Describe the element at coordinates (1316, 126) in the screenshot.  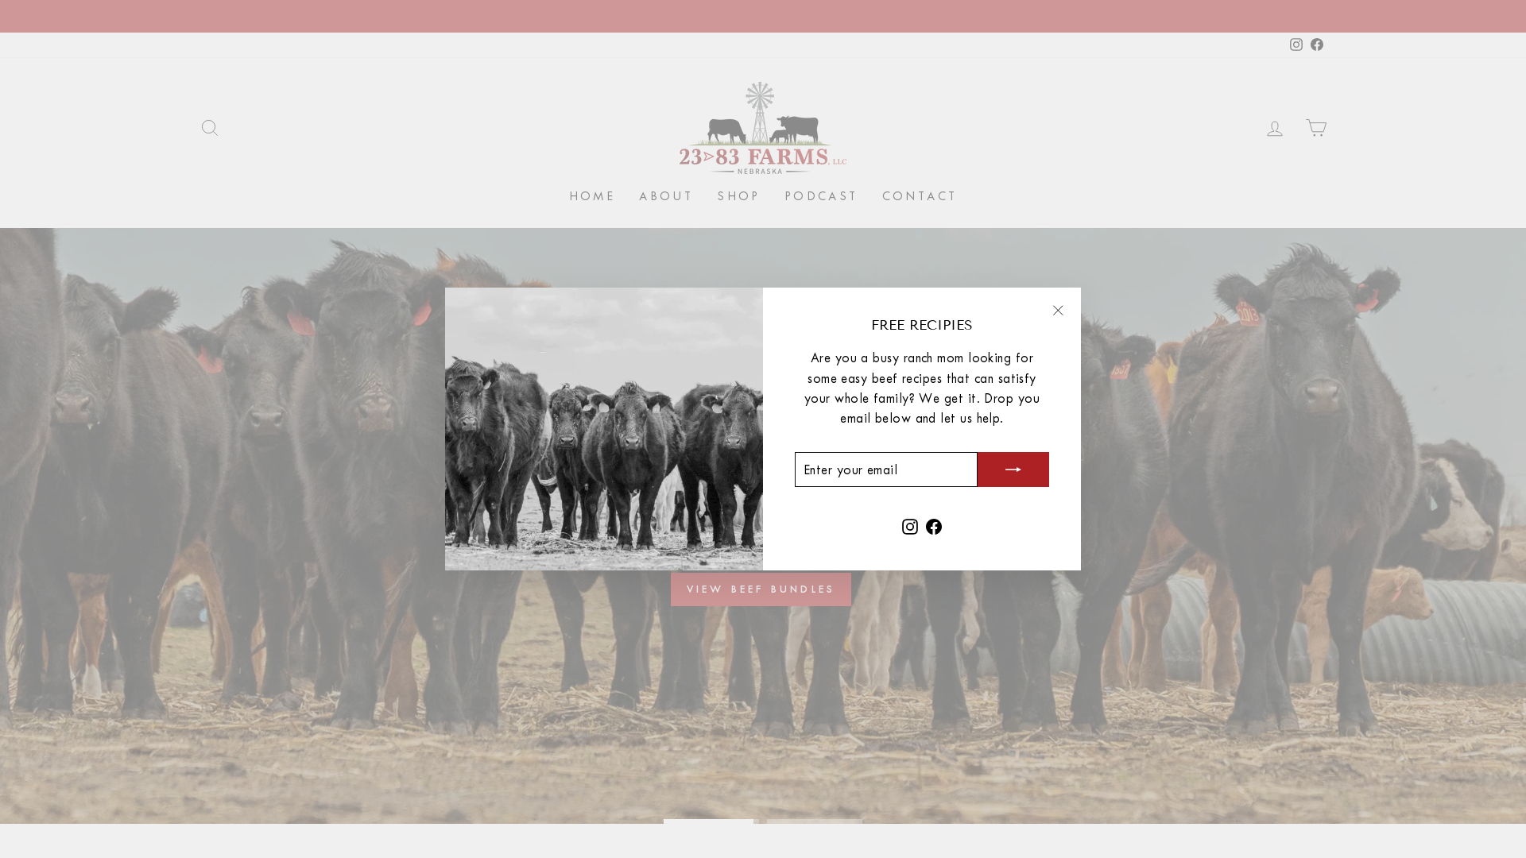
I see `'CART'` at that location.